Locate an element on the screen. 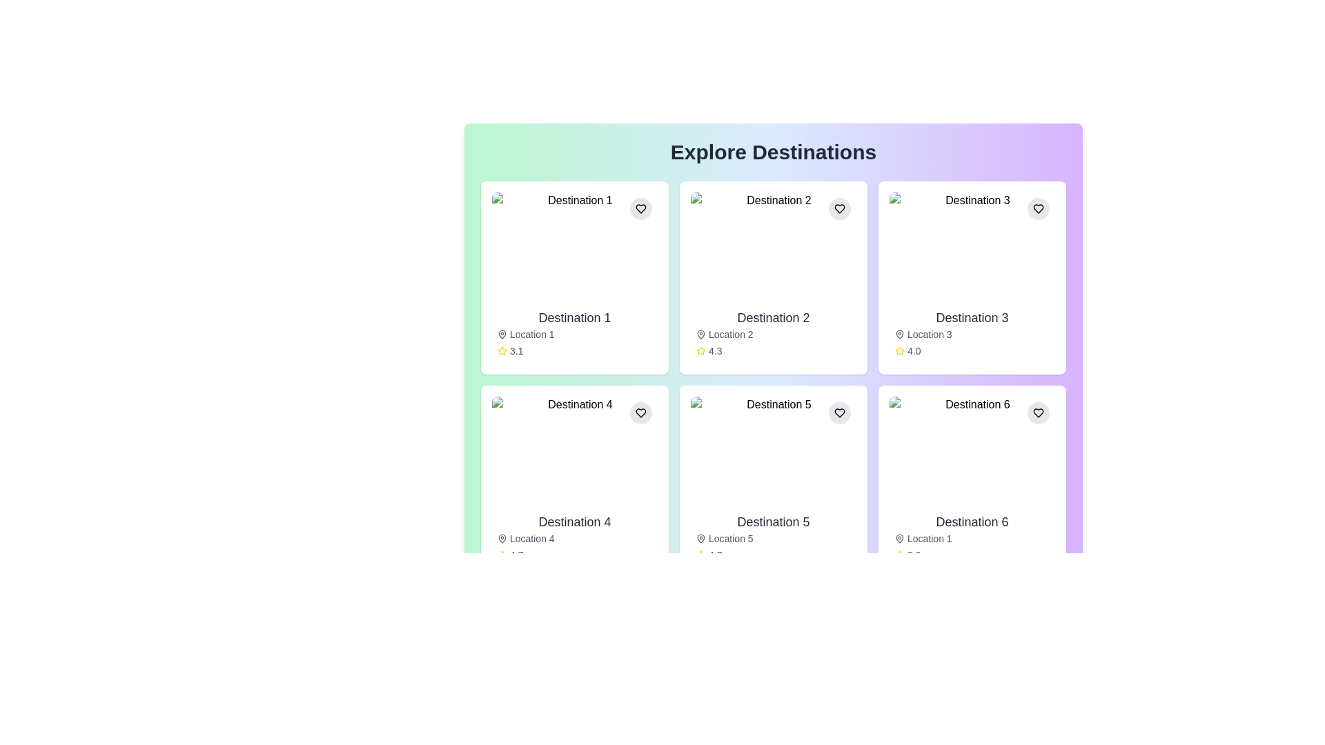 This screenshot has height=745, width=1325. the yellow star icon representing the rating for 'Destination 3' is located at coordinates (900, 350).